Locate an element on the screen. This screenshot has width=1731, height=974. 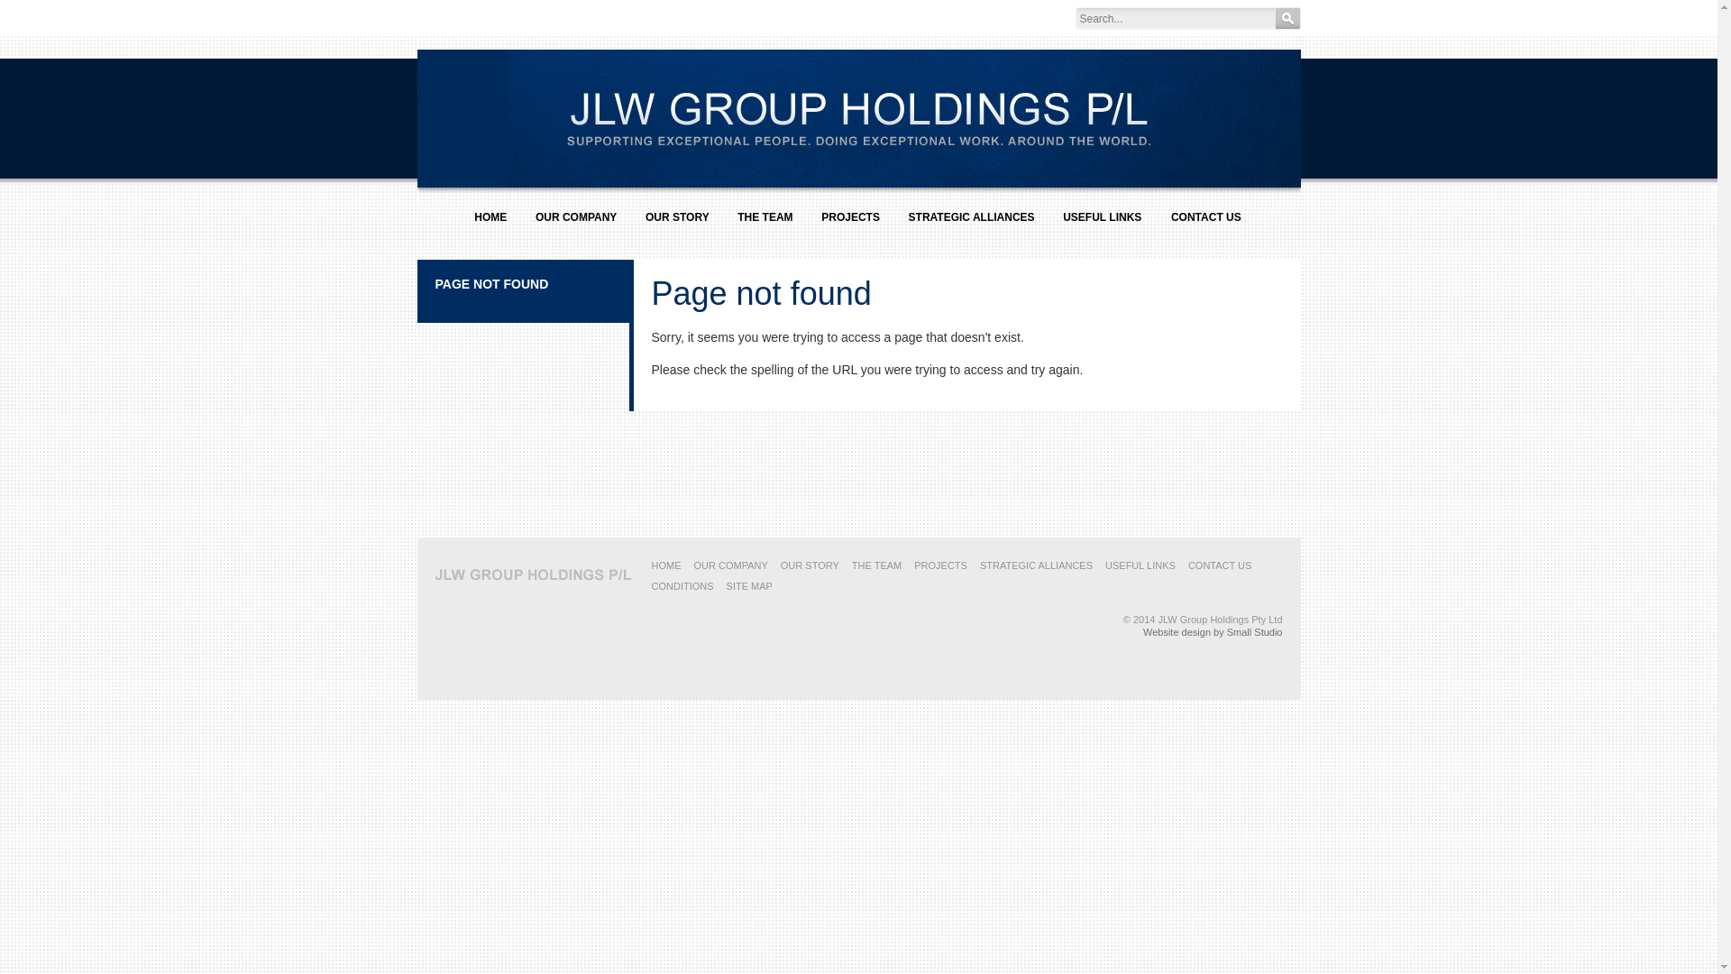
'SITE MAP' is located at coordinates (749, 586).